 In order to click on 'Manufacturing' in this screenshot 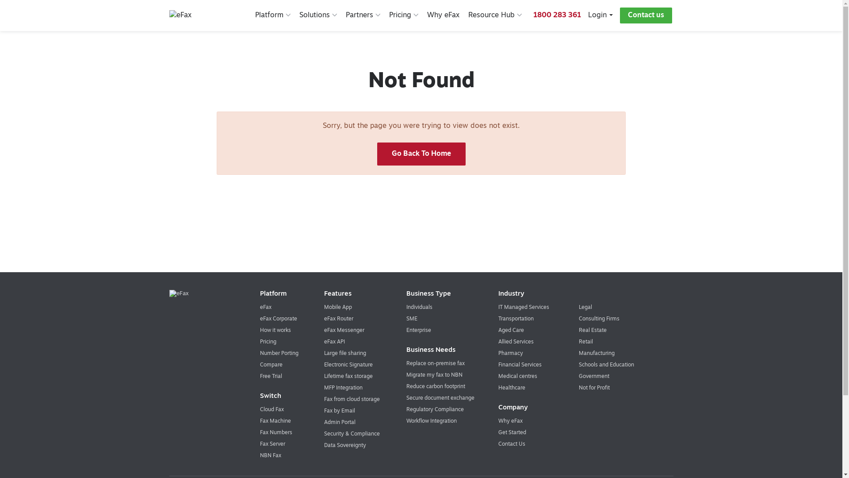, I will do `click(597, 353)`.